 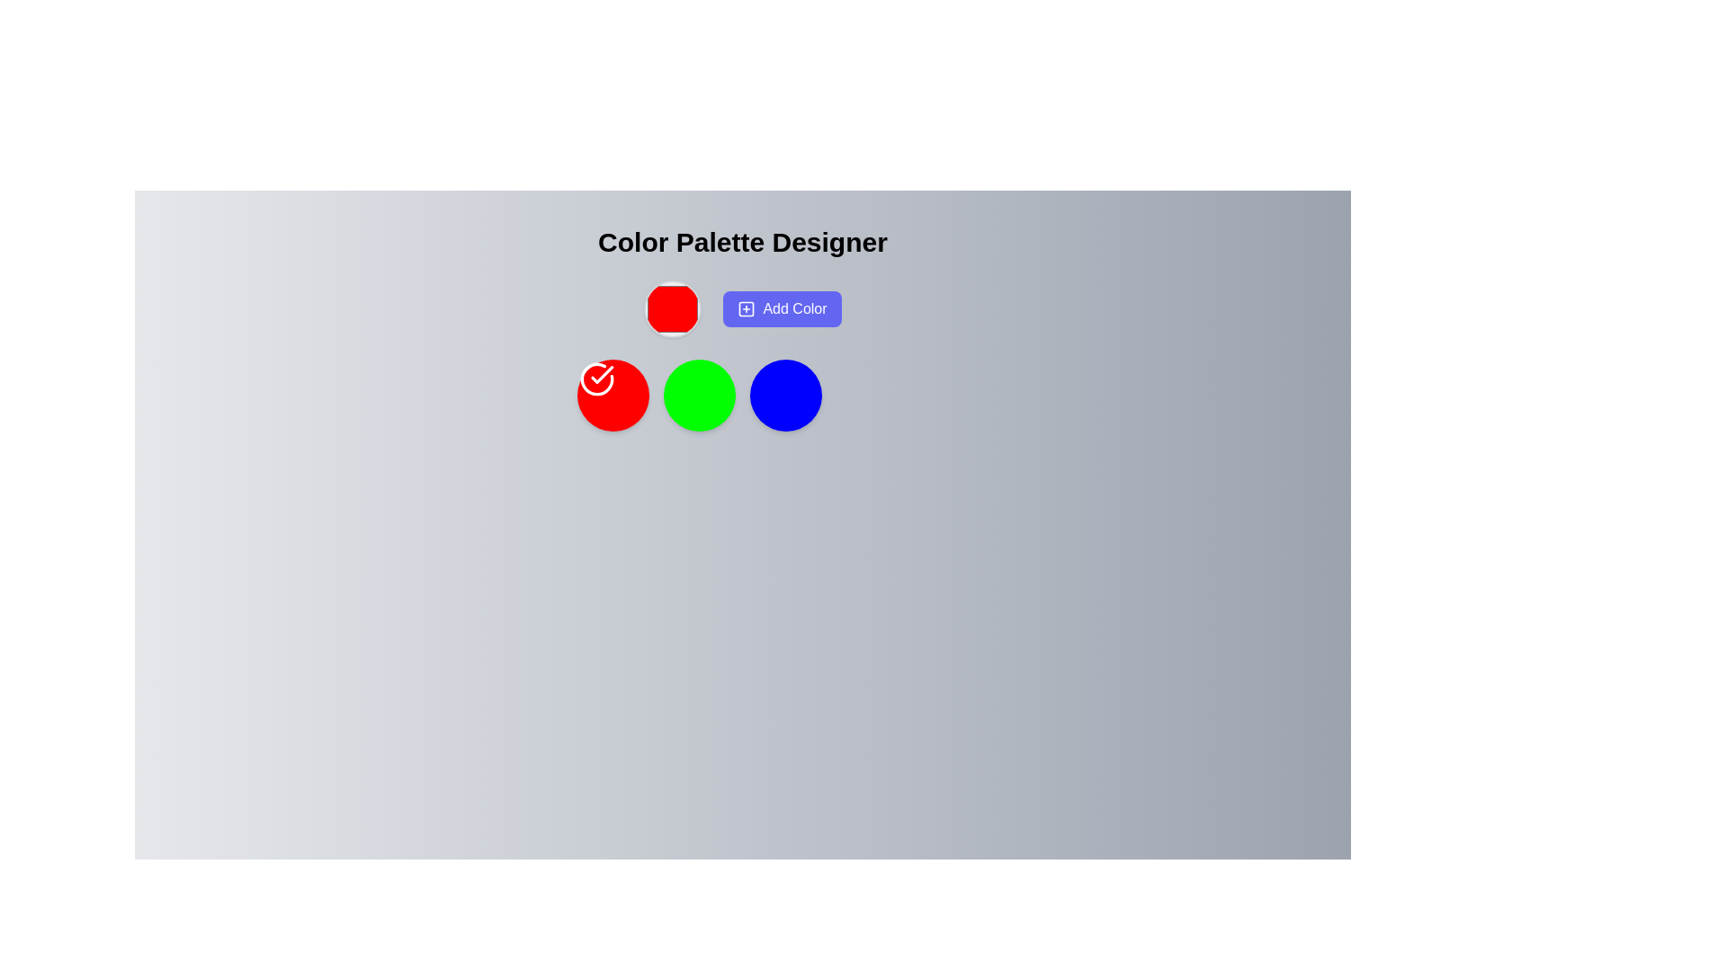 What do you see at coordinates (698, 394) in the screenshot?
I see `the bright green circular button located in the center row of a grid layout, which is the second circular item from the left` at bounding box center [698, 394].